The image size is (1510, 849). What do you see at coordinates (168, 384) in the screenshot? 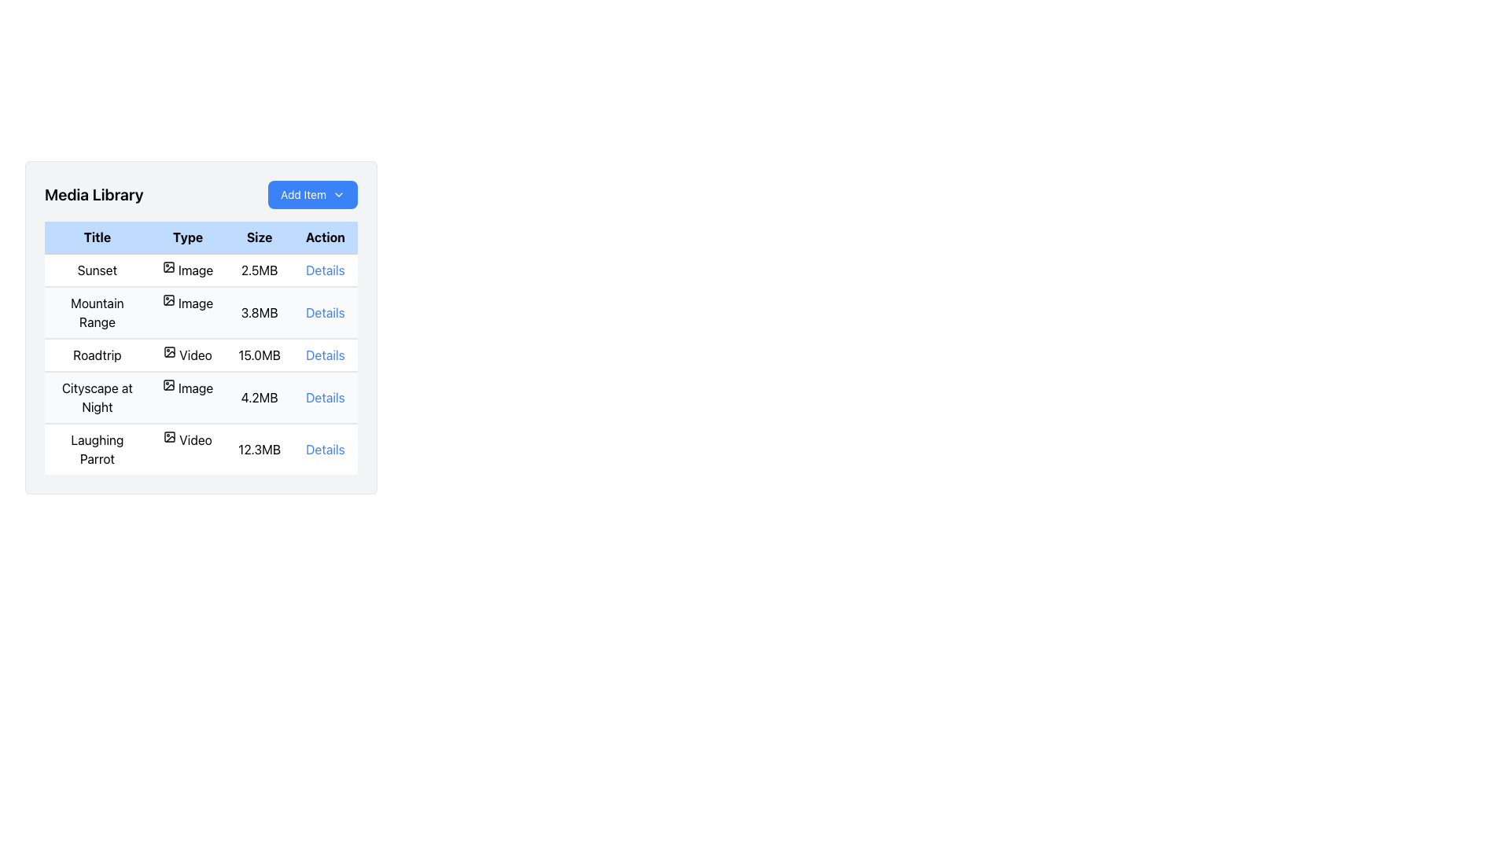
I see `the rounded rectangle SVG icon representing the media type in the second column of the media library table, specifically for the row labeled 'Cityscape at Night'` at bounding box center [168, 384].